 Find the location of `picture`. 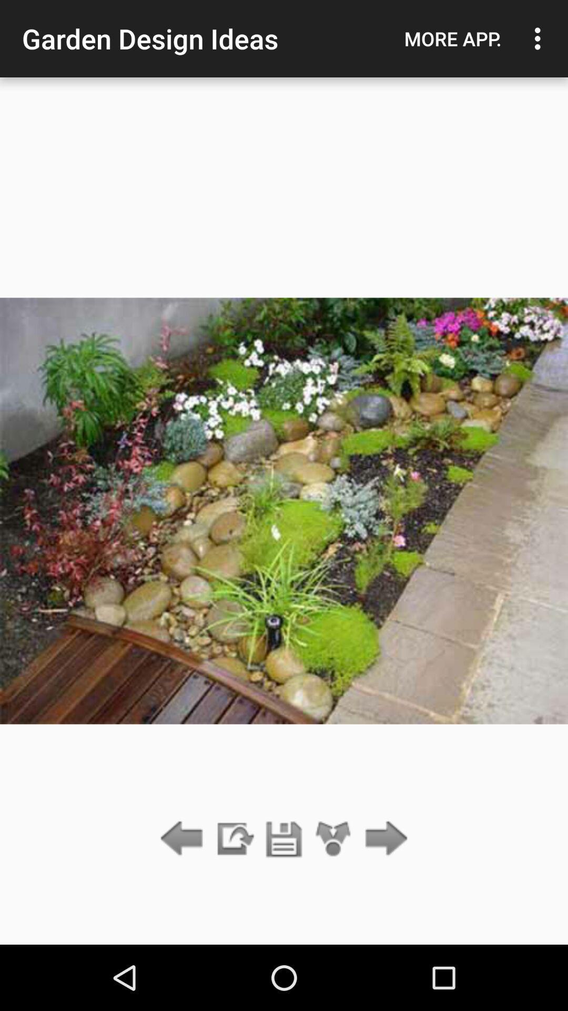

picture is located at coordinates (284, 839).